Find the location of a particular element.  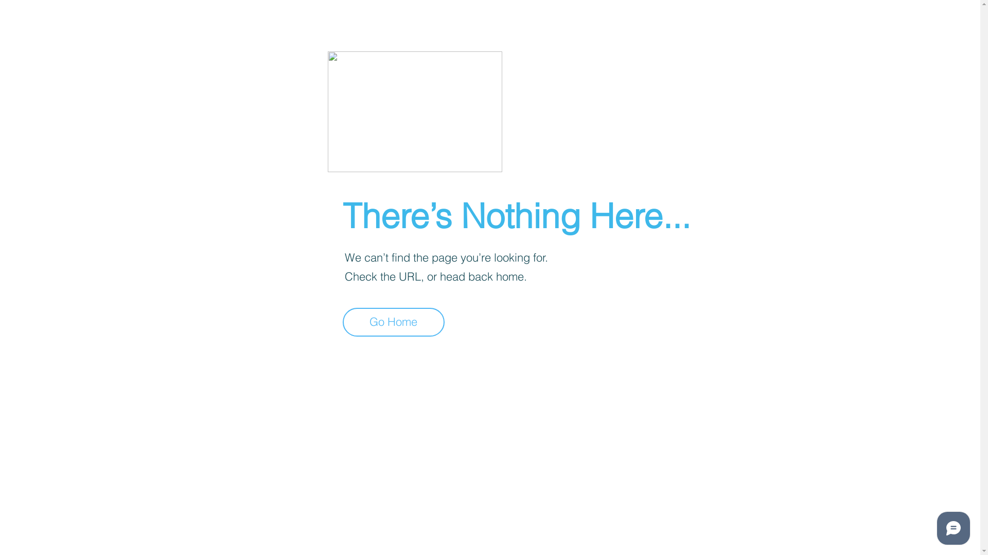

'Go Home' is located at coordinates (393, 322).